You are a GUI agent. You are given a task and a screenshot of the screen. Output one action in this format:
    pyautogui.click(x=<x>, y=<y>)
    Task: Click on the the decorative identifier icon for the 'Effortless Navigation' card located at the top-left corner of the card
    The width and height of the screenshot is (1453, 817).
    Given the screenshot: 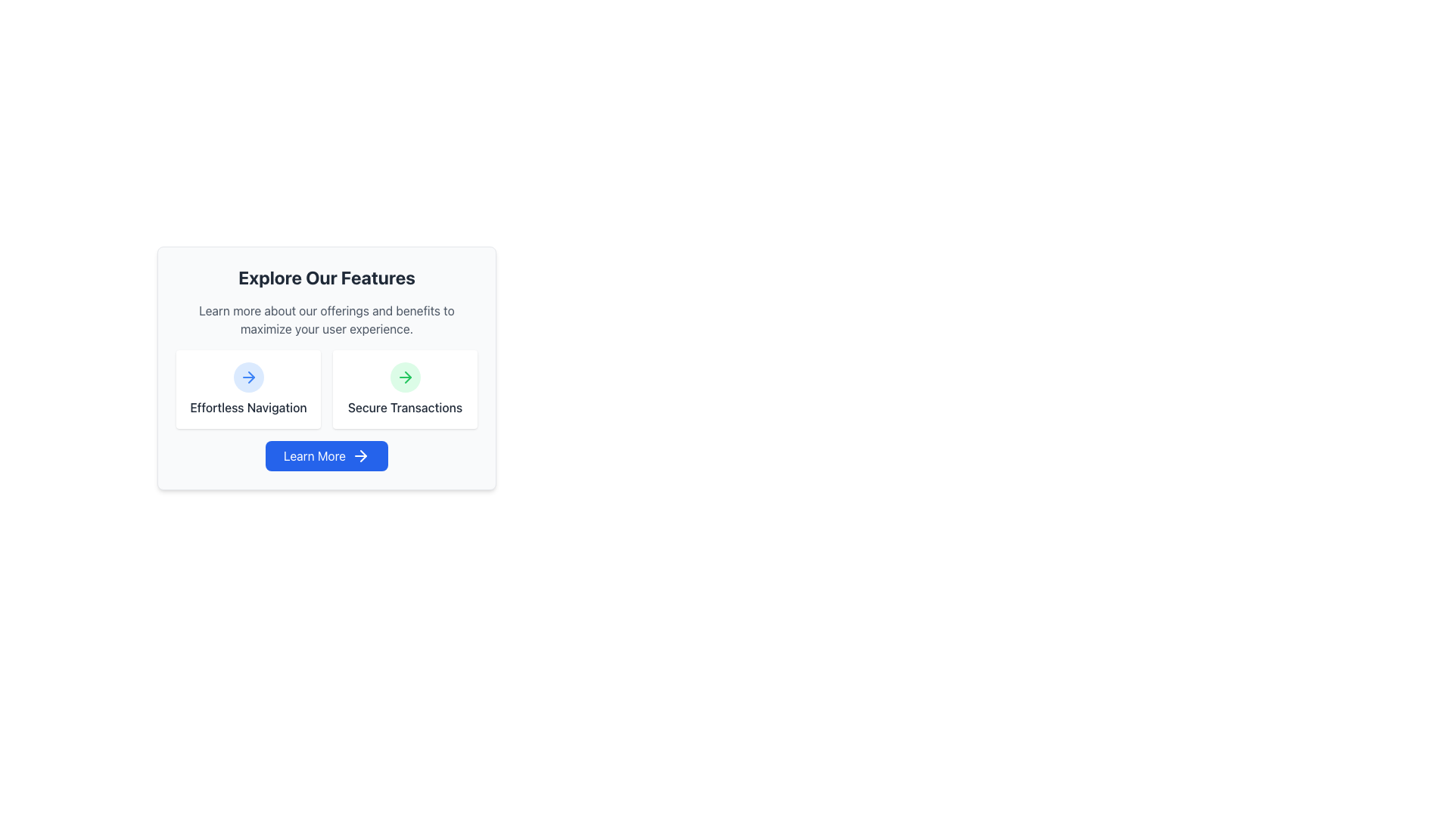 What is the action you would take?
    pyautogui.click(x=248, y=376)
    